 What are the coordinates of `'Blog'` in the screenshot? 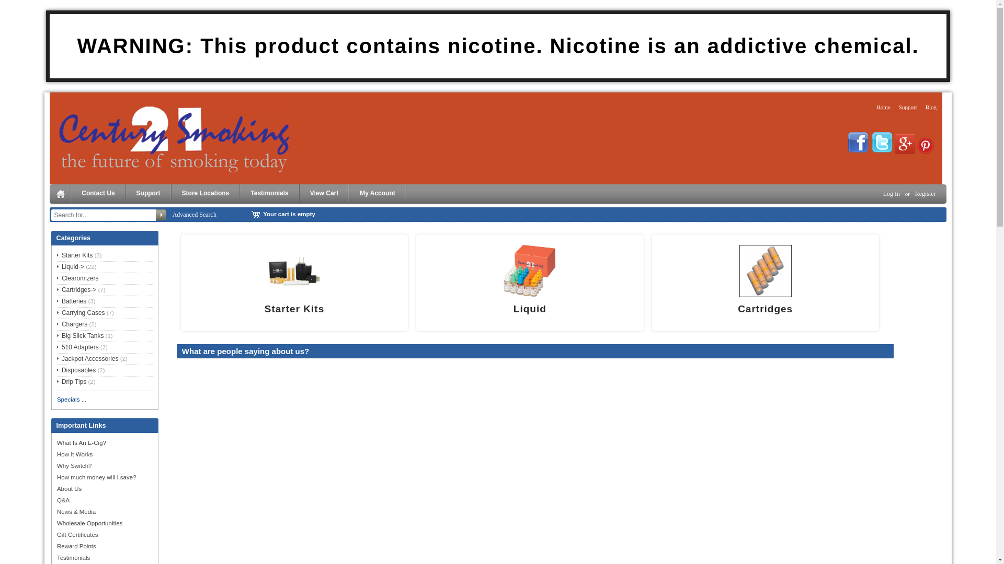 It's located at (926, 107).